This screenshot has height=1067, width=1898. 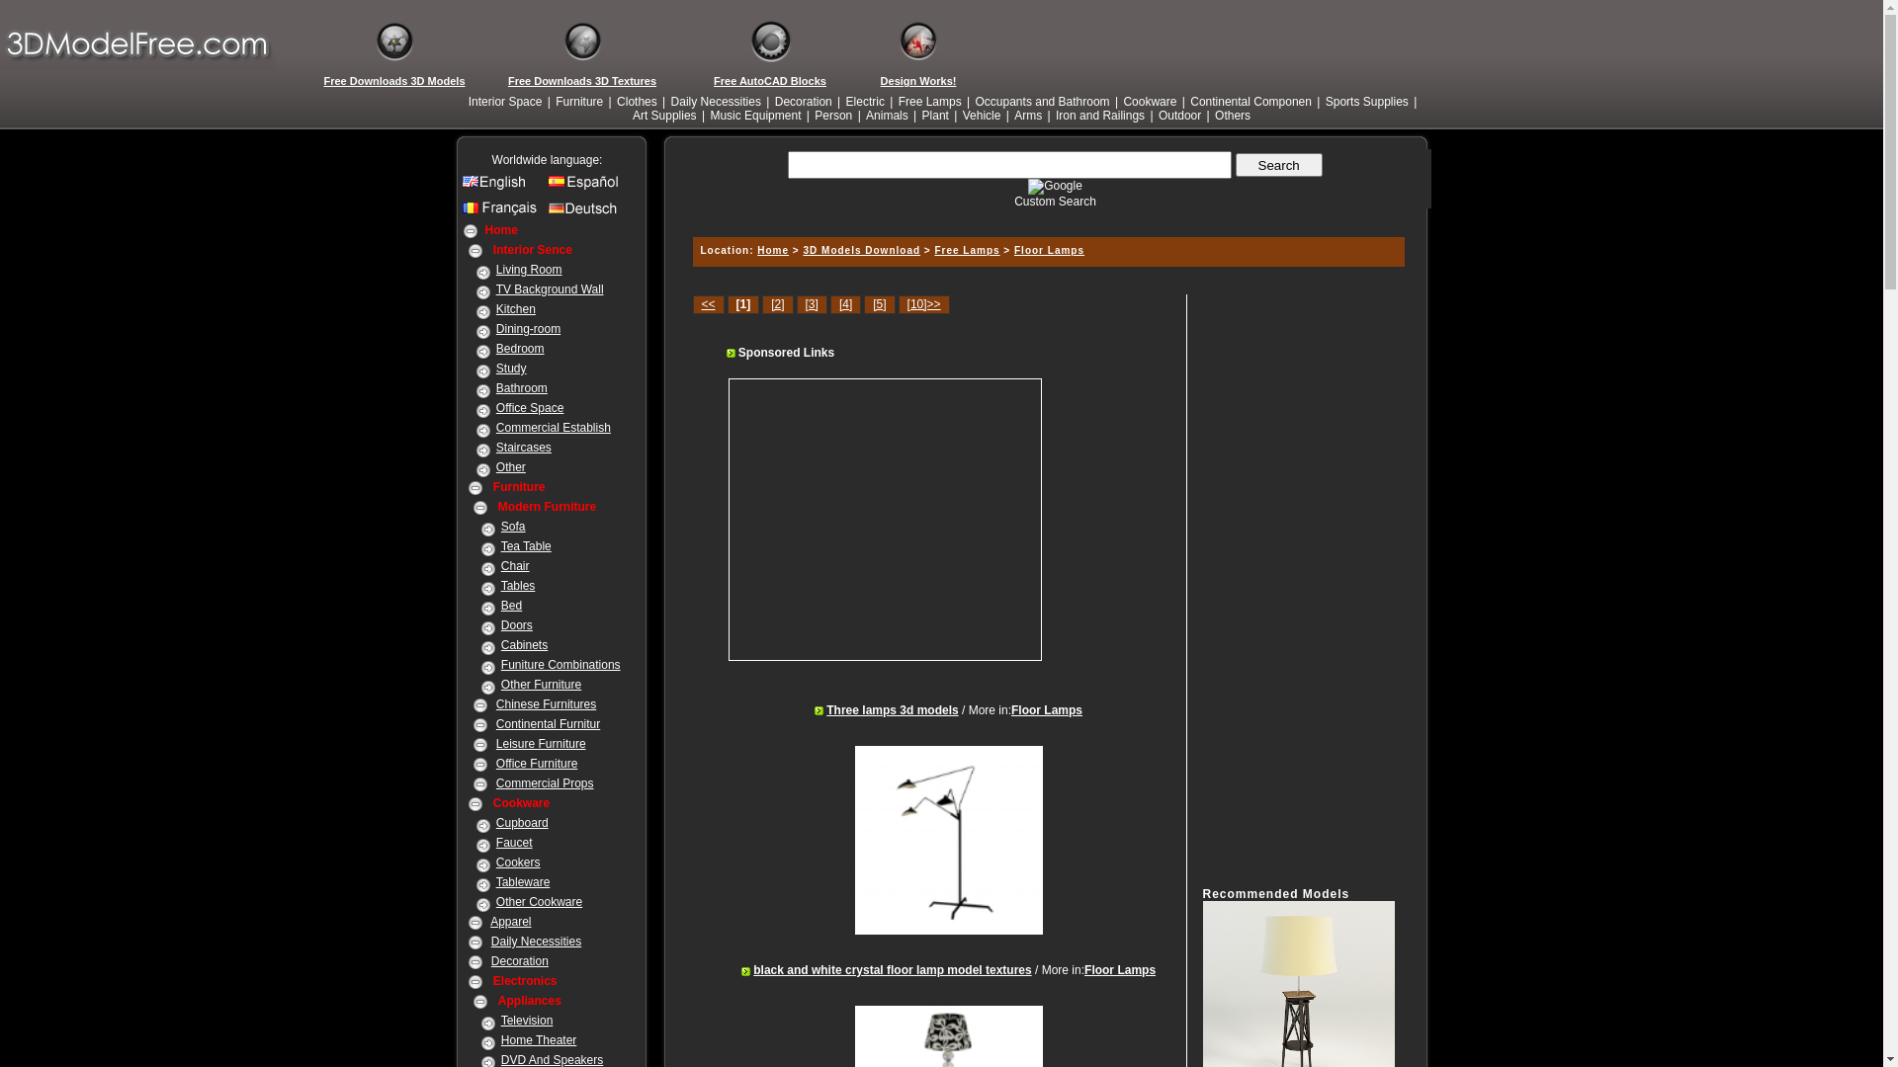 I want to click on 'Clothes', so click(x=637, y=102).